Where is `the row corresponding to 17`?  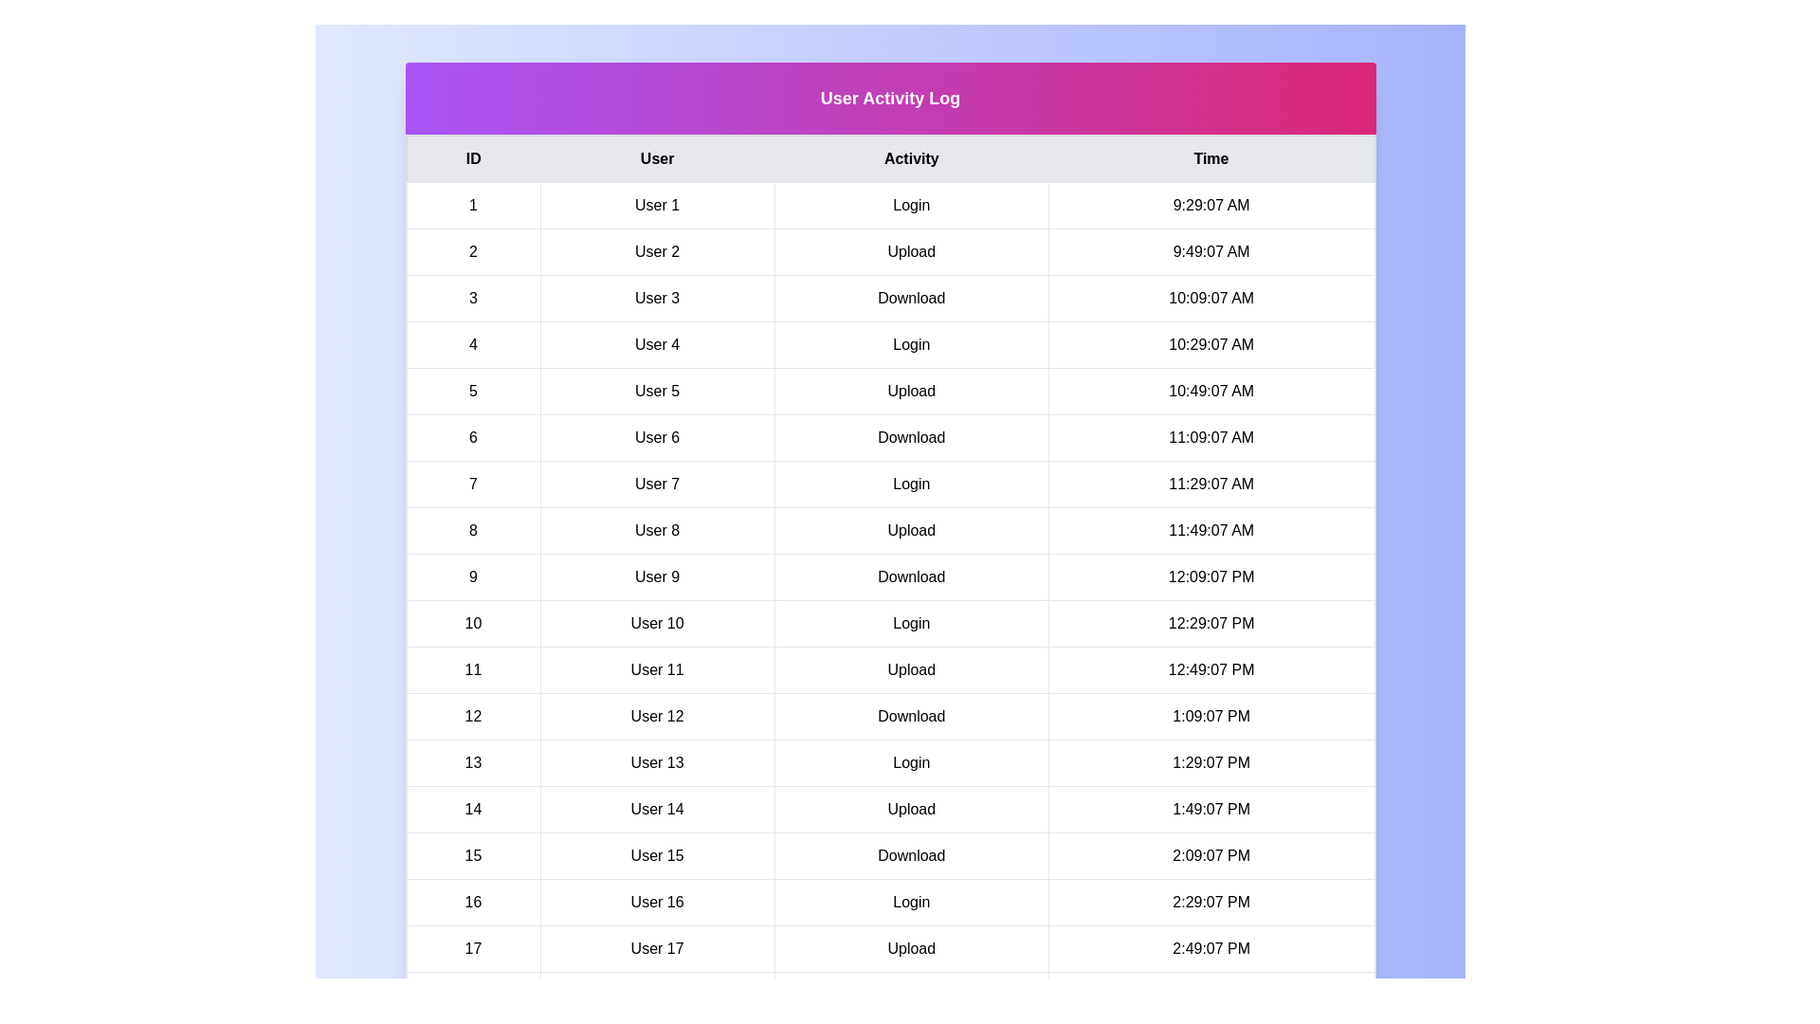
the row corresponding to 17 is located at coordinates (889, 949).